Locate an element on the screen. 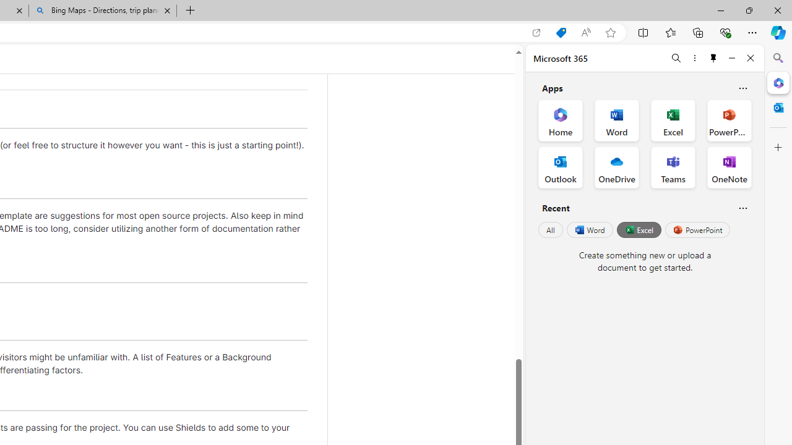  'Home Office App' is located at coordinates (560, 121).